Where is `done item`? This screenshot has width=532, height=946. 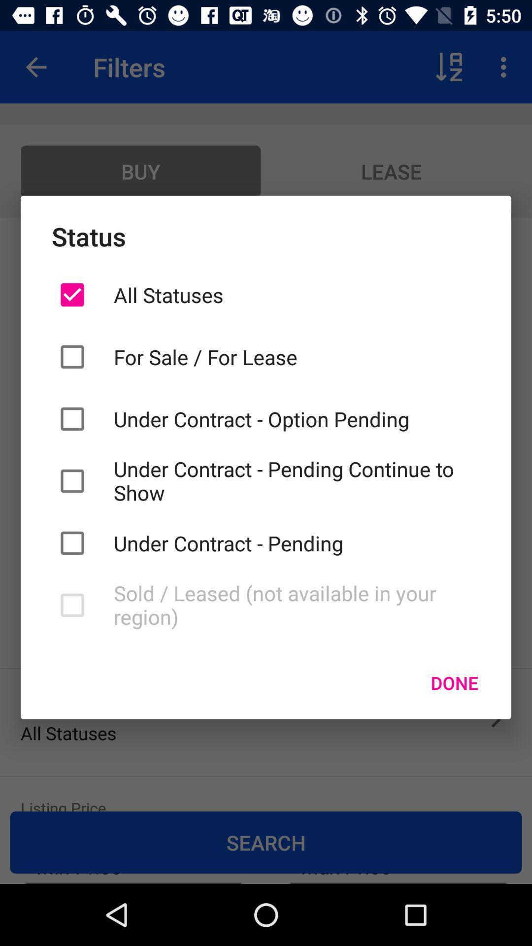
done item is located at coordinates (454, 682).